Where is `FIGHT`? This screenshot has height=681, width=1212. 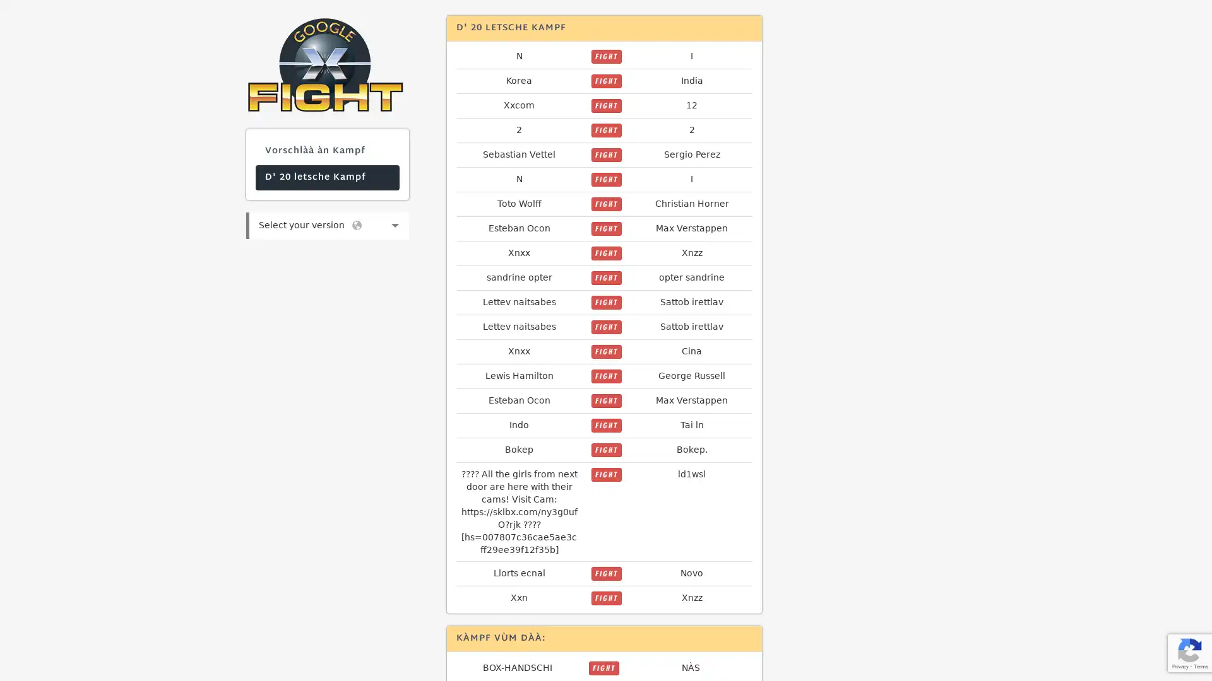
FIGHT is located at coordinates (606, 81).